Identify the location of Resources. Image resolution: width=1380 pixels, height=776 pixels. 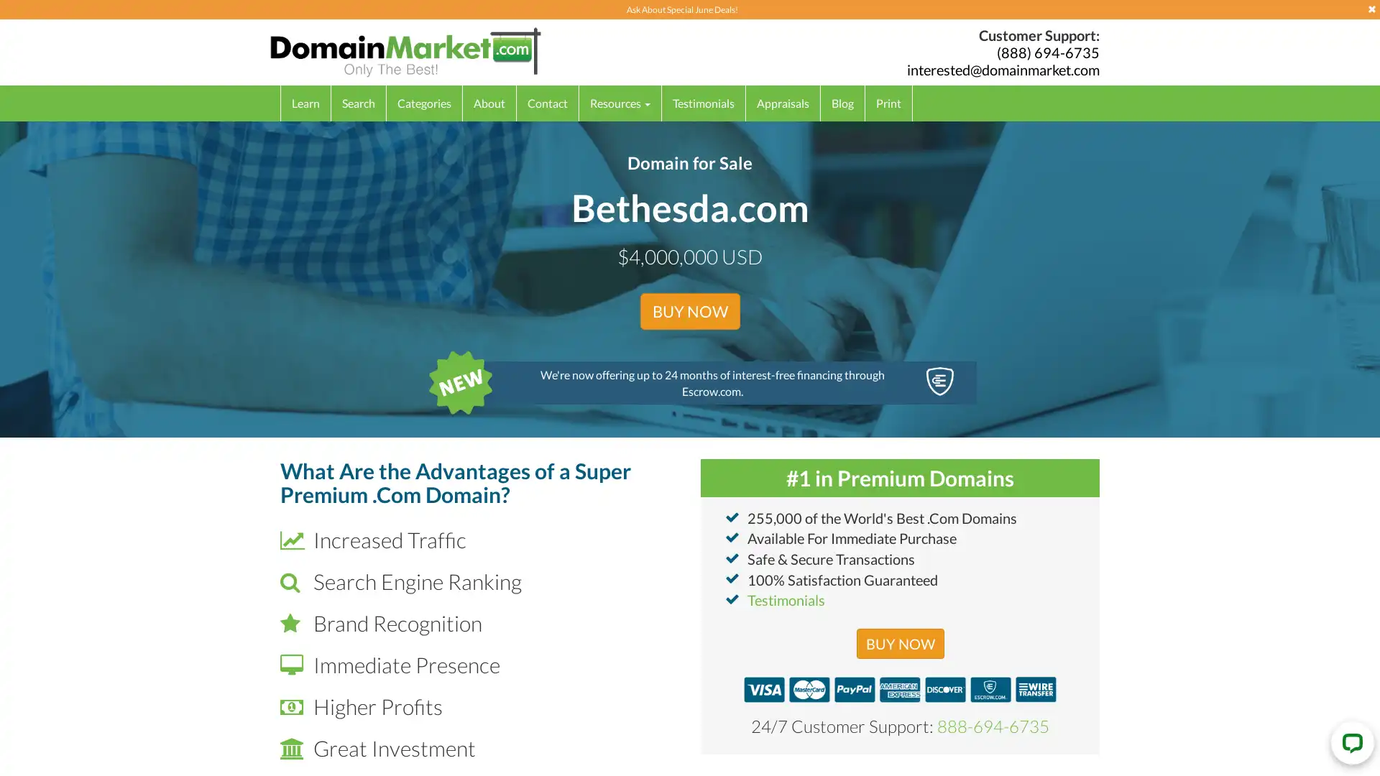
(620, 102).